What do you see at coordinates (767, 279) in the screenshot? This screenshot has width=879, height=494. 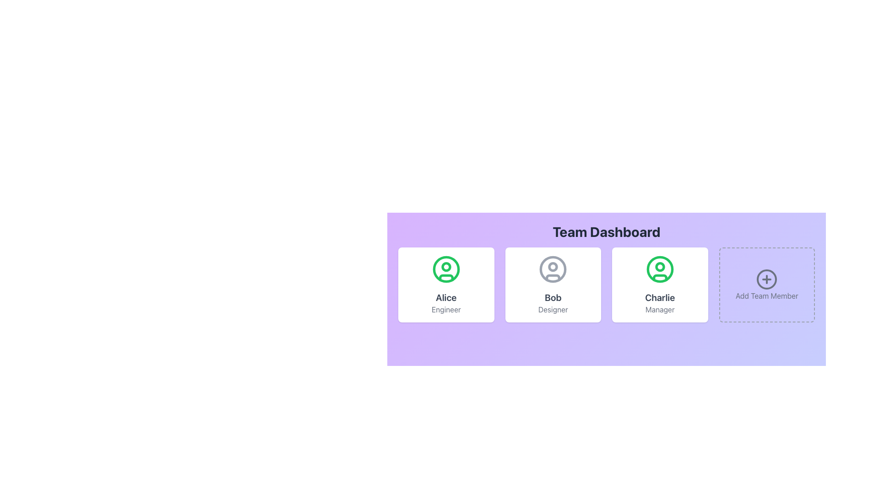 I see `the circular part of the 'Add Team Member' icon, which is located at the center of the icon within the fourth option in the row of team cards on the dashboard, to the right of the 'Charlie - Manager' card` at bounding box center [767, 279].